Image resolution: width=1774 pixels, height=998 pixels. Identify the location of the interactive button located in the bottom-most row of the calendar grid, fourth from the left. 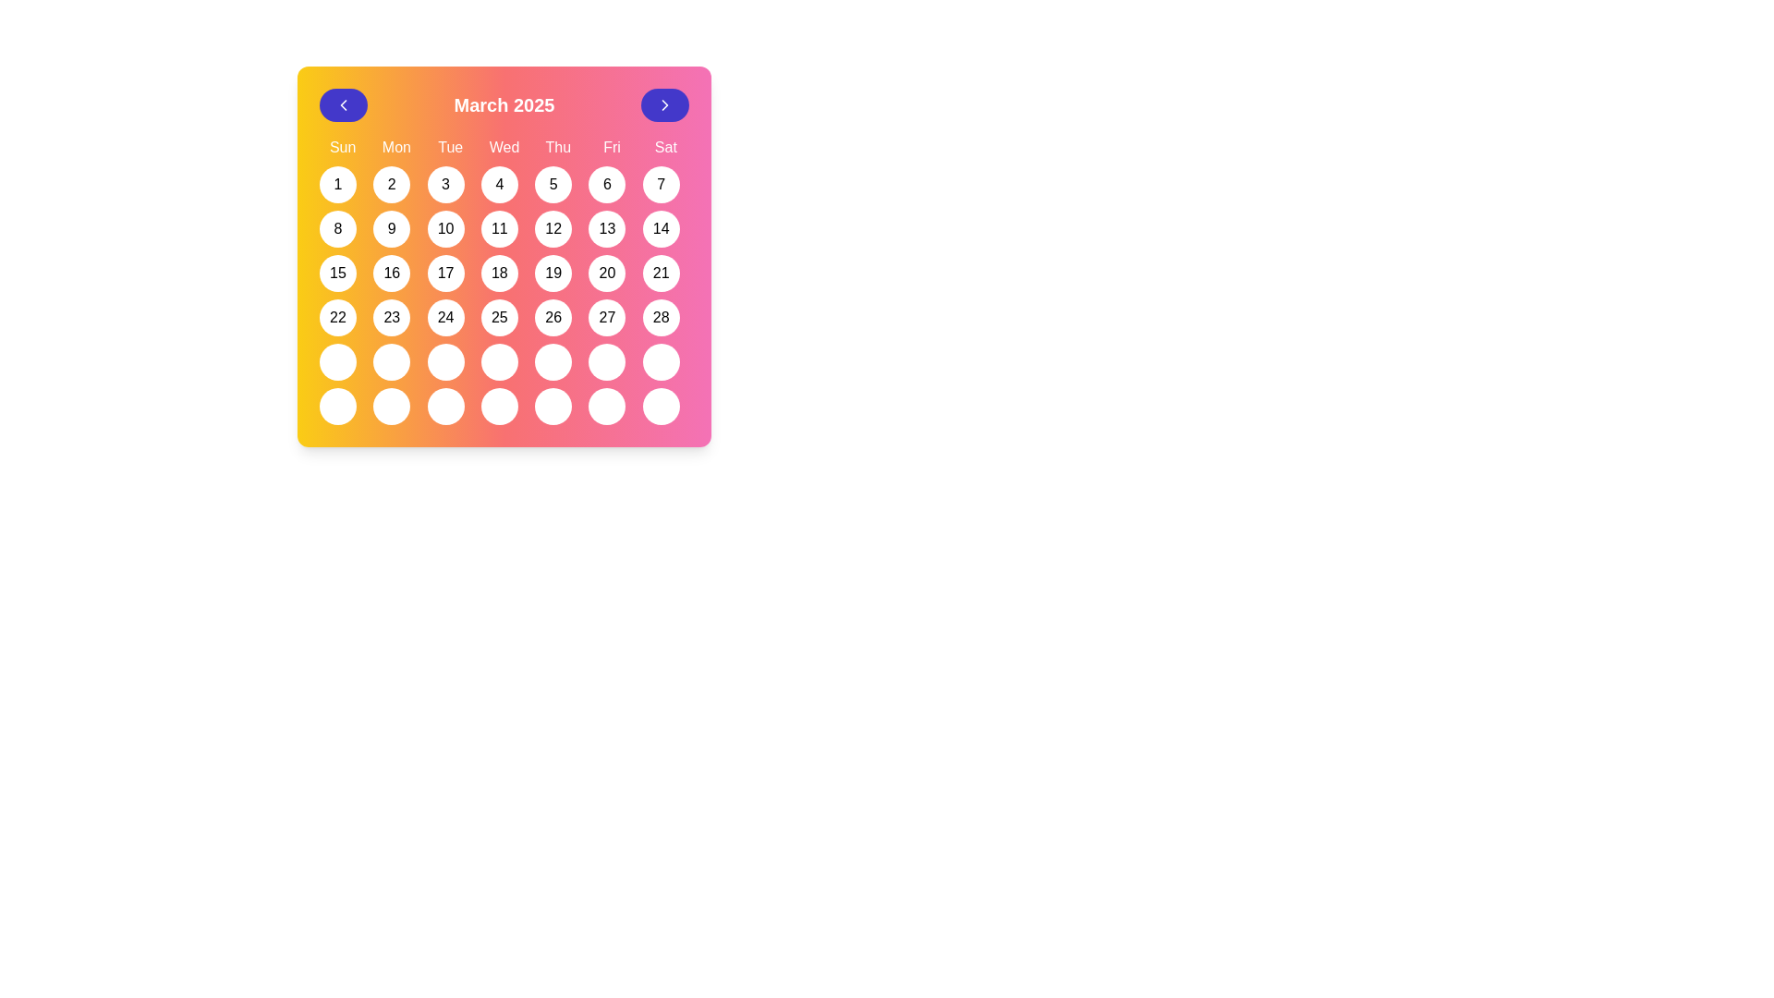
(499, 405).